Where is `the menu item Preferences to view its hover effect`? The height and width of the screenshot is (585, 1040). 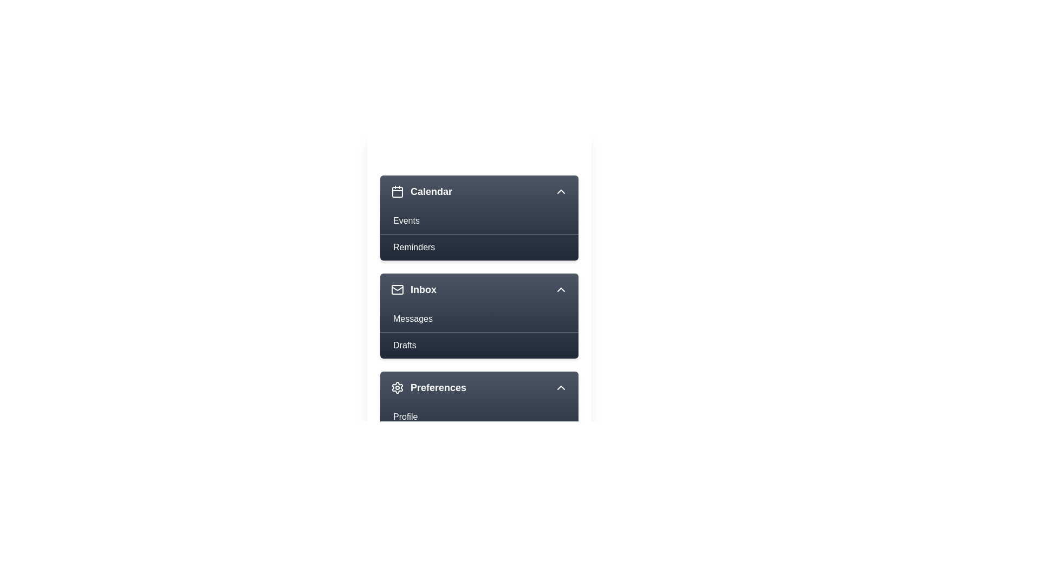
the menu item Preferences to view its hover effect is located at coordinates (478, 387).